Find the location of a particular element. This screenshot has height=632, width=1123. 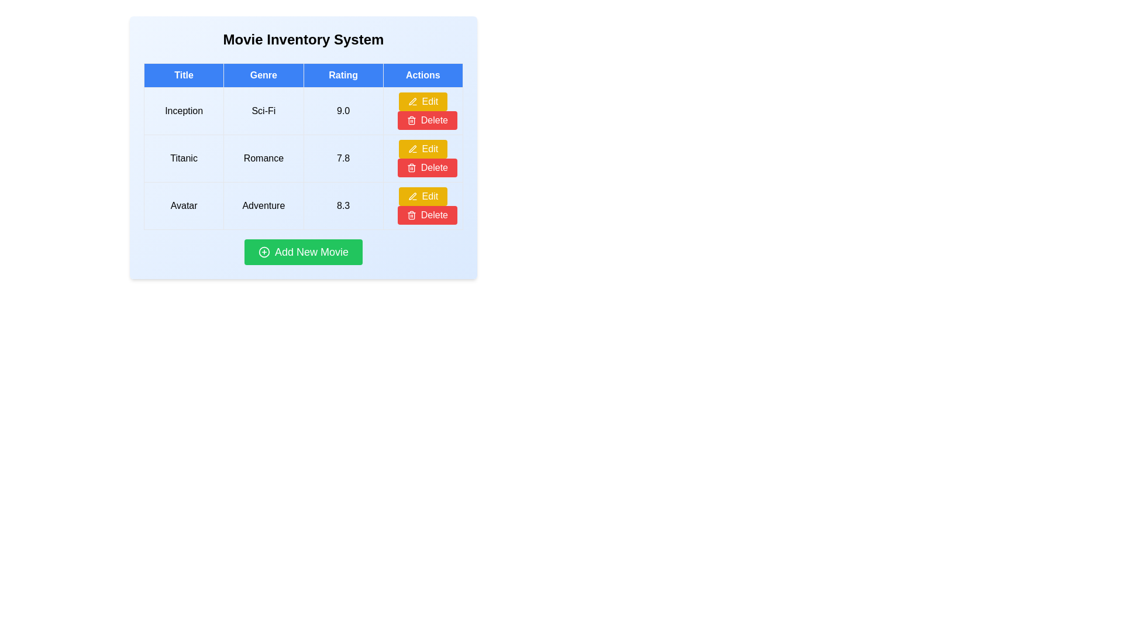

the second row of the table displaying movie details for 'Titanic' is located at coordinates (303, 158).